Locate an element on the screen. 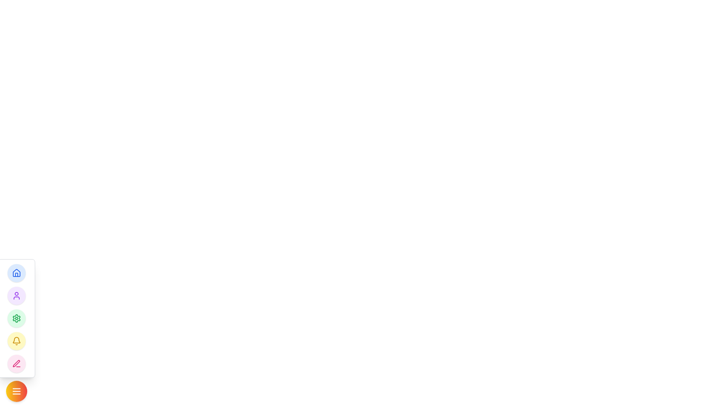 The image size is (726, 408). the pen icon located at the bottom of the vertical menu is located at coordinates (16, 363).